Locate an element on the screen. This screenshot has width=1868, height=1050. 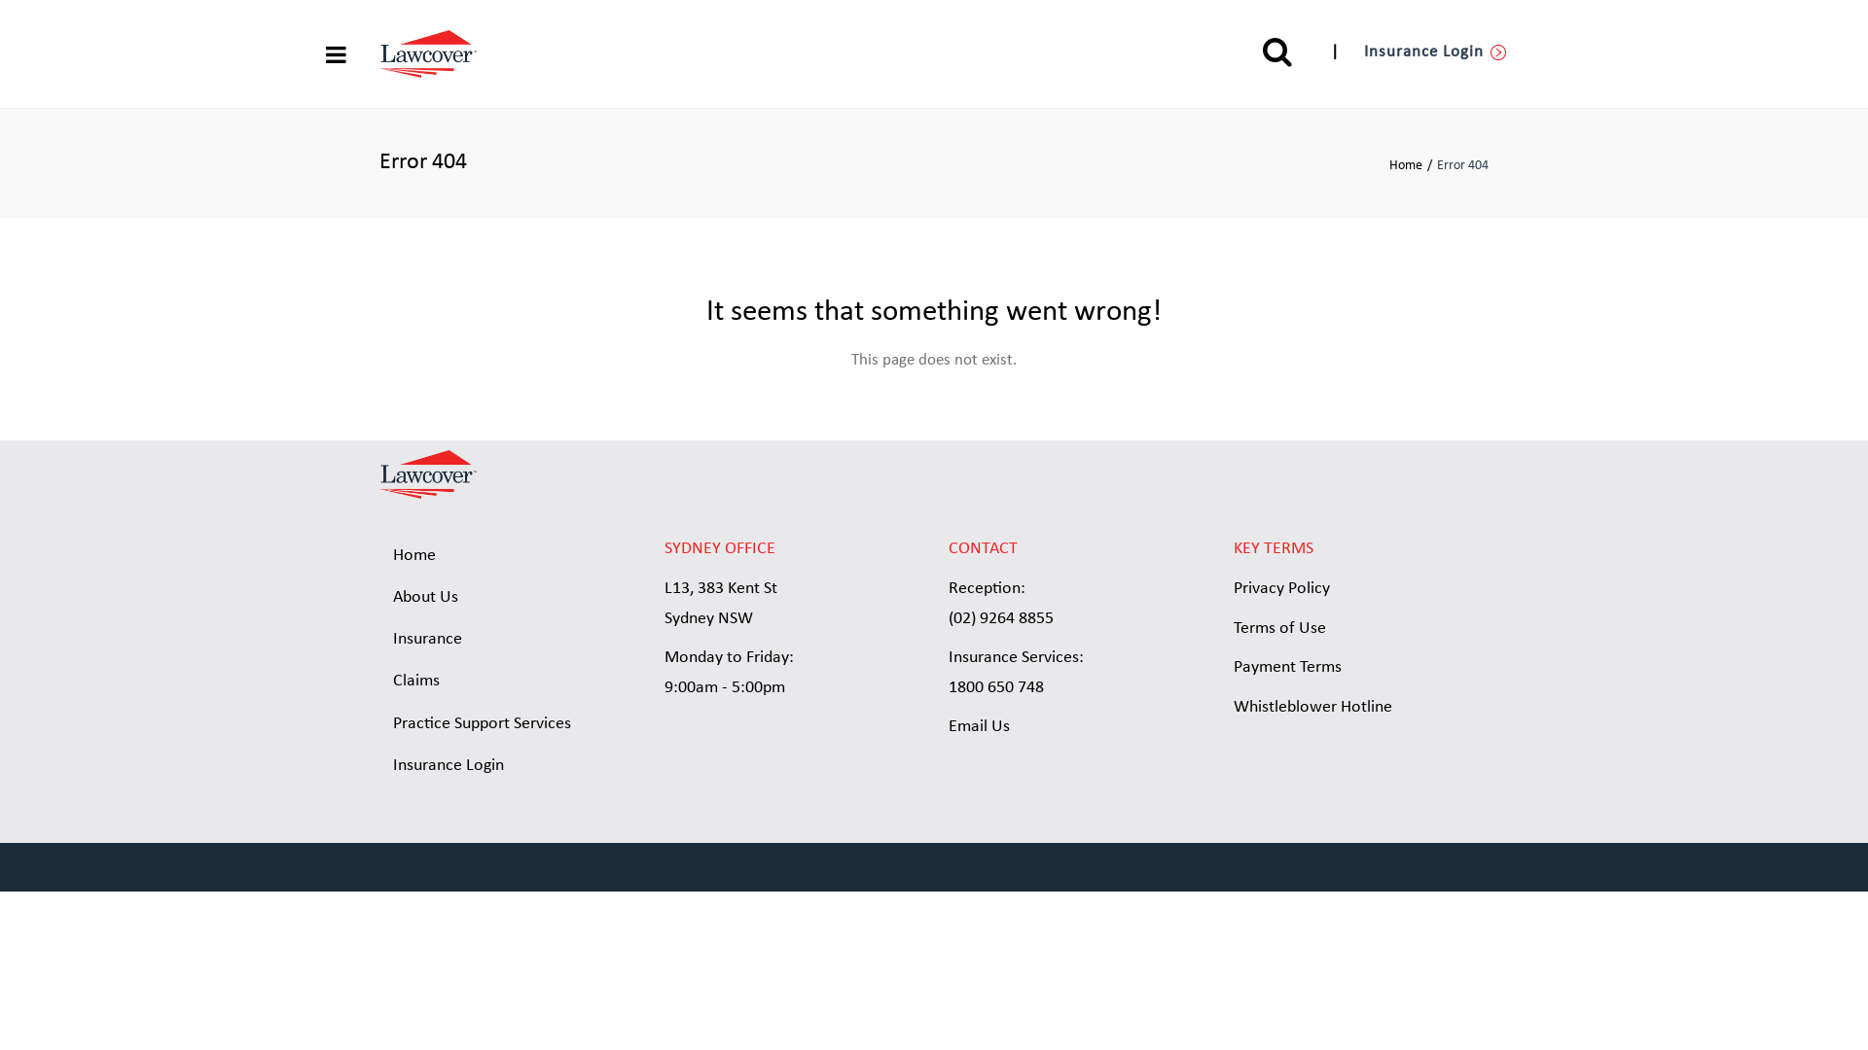
'Whistleblower Hotline' is located at coordinates (1312, 707).